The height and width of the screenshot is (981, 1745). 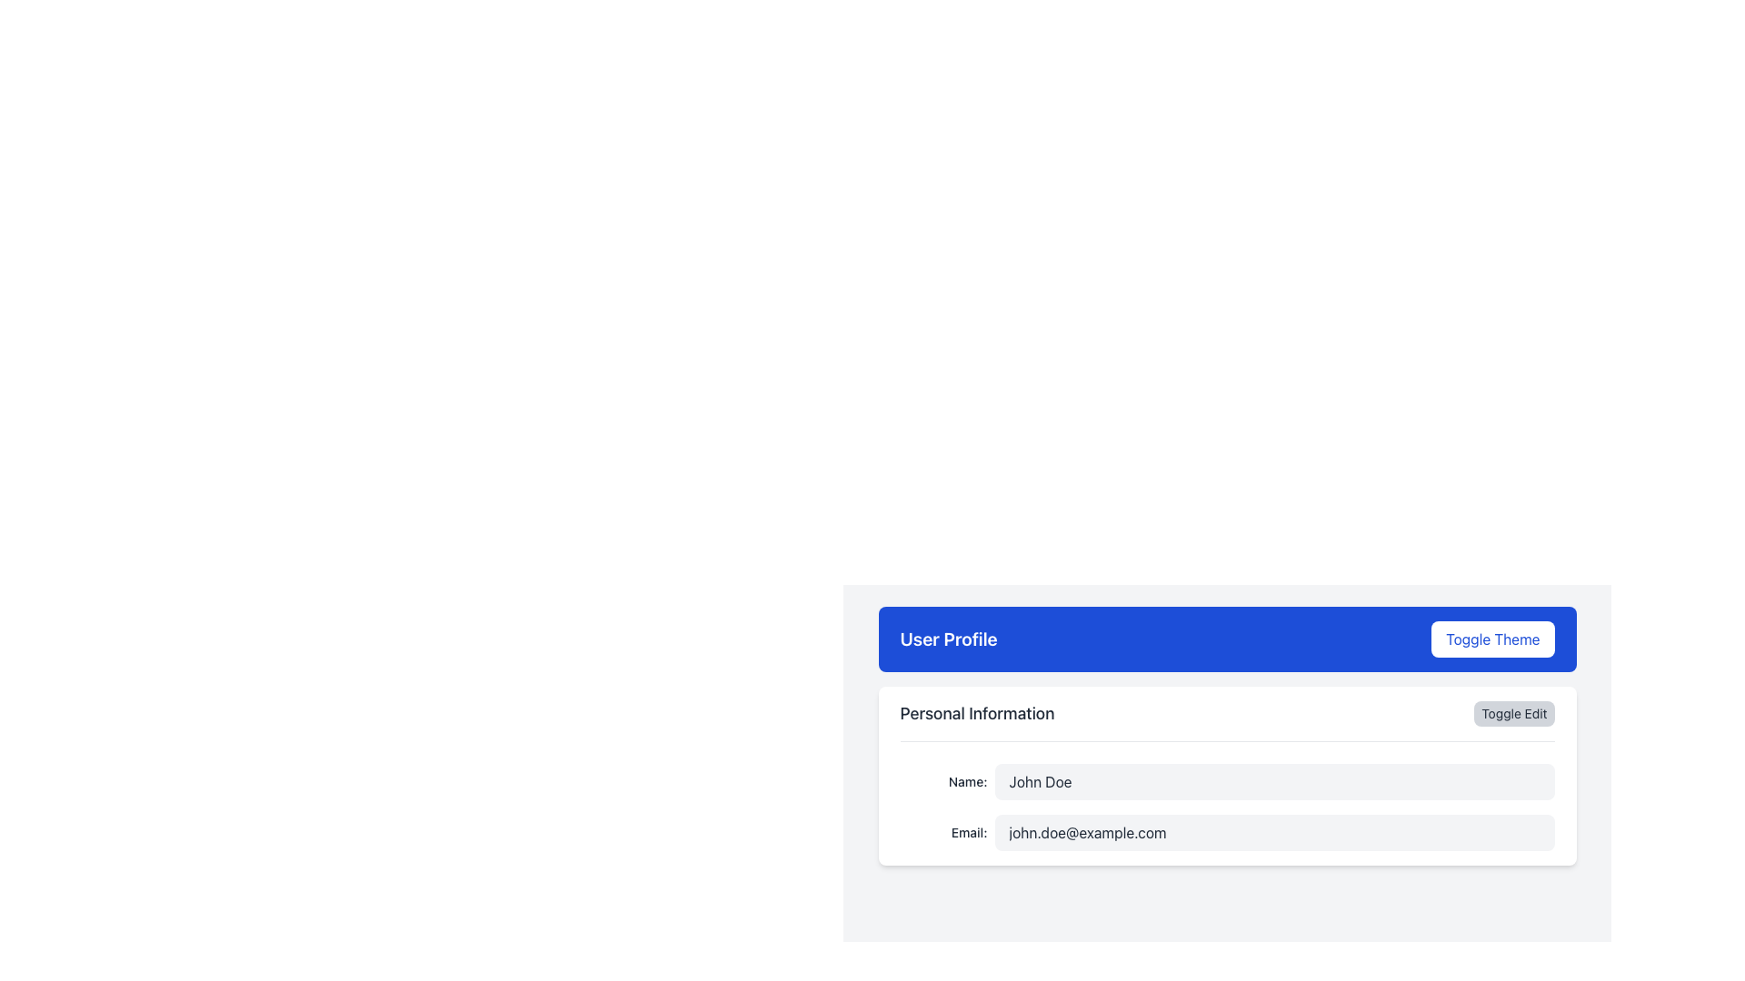 What do you see at coordinates (1227, 780) in the screenshot?
I see `the text input field for the user's name located in the 'Personal Information' section` at bounding box center [1227, 780].